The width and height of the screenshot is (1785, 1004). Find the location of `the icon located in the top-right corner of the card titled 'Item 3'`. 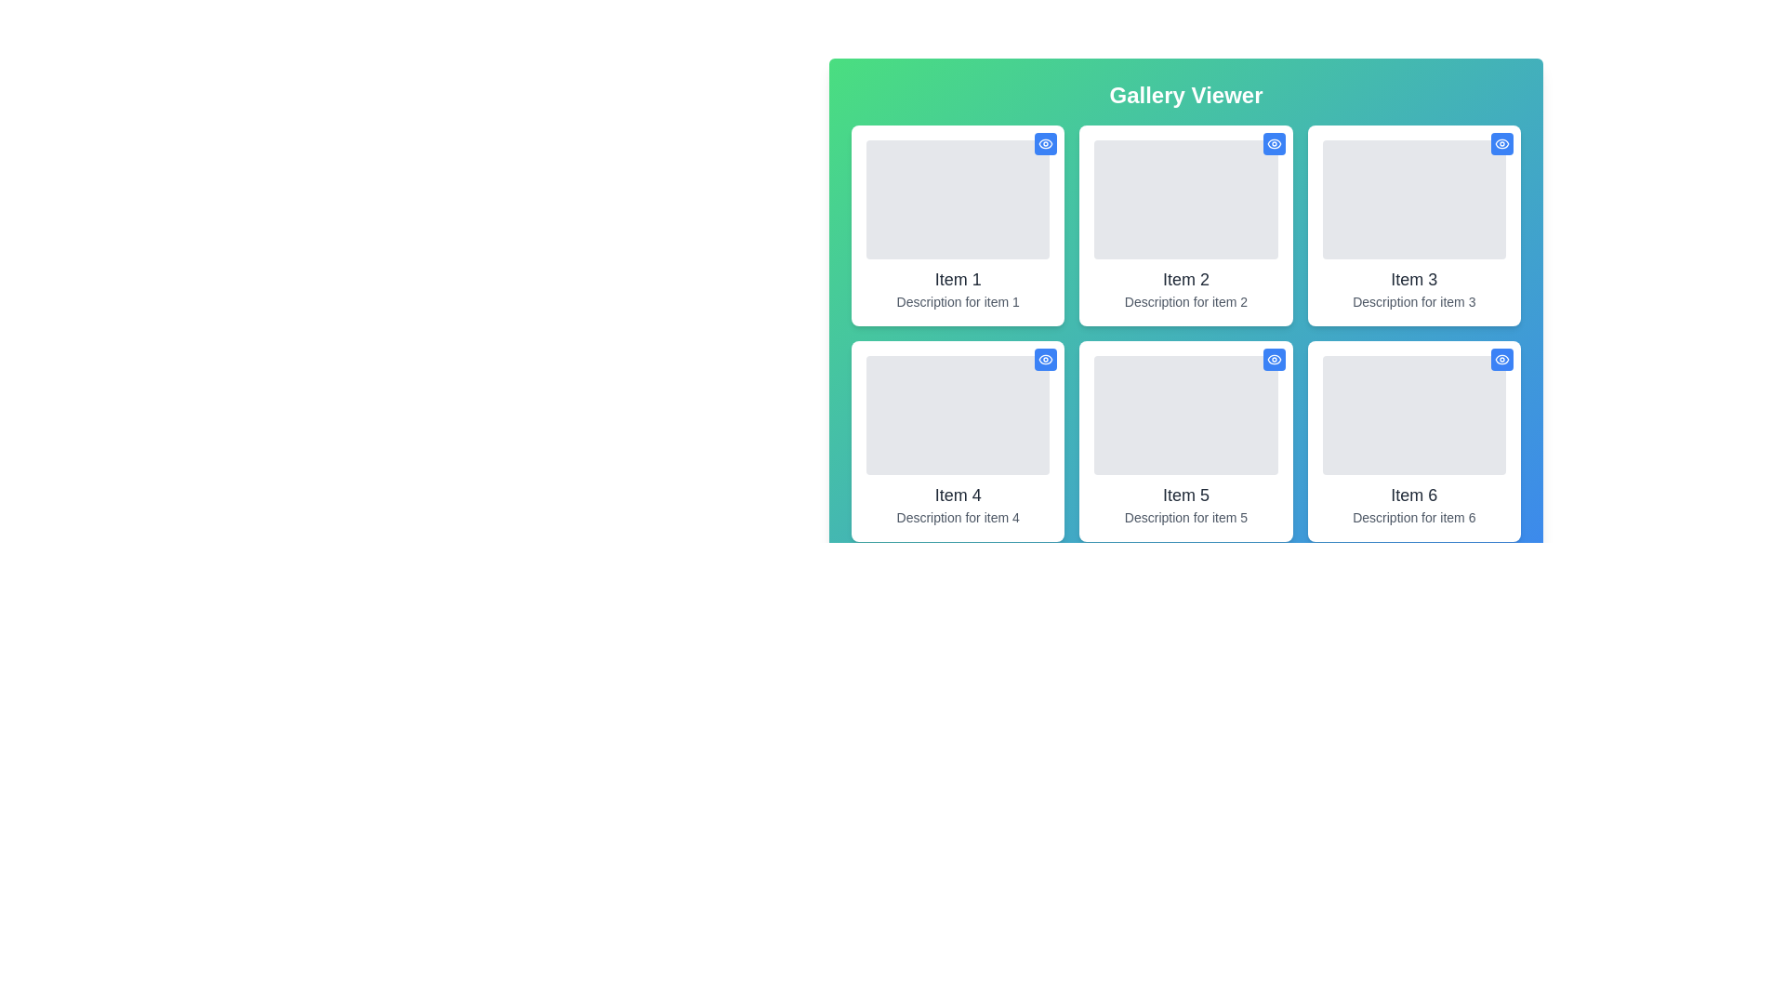

the icon located in the top-right corner of the card titled 'Item 3' is located at coordinates (1502, 142).